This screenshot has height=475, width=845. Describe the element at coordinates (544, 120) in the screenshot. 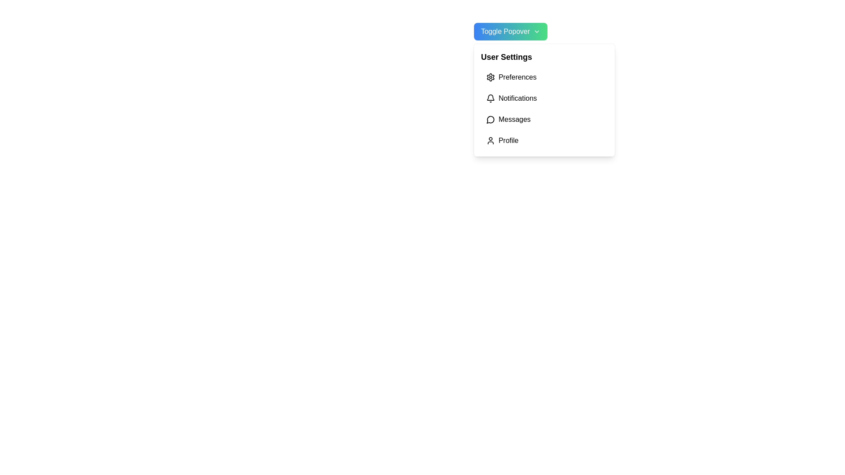

I see `the third menu item` at that location.